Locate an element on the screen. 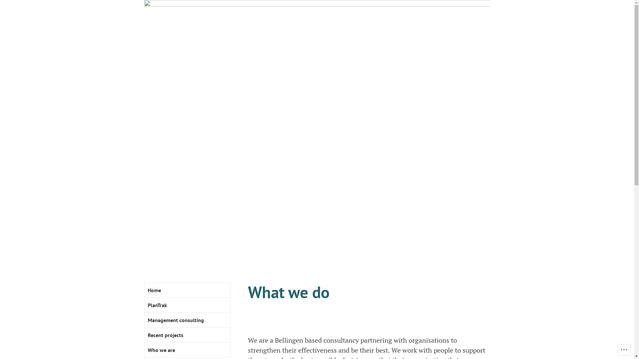 The height and width of the screenshot is (359, 639). 'PlanTrak' is located at coordinates (187, 305).